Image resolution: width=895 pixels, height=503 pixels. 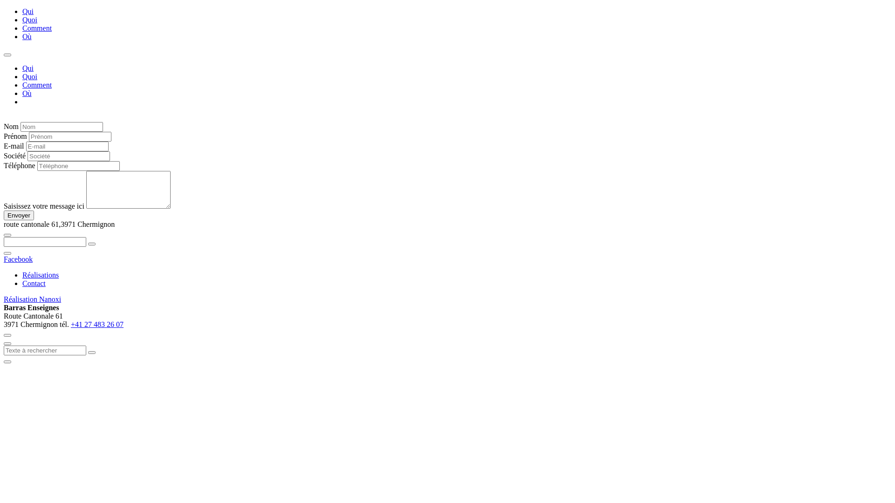 What do you see at coordinates (22, 68) in the screenshot?
I see `'Qui'` at bounding box center [22, 68].